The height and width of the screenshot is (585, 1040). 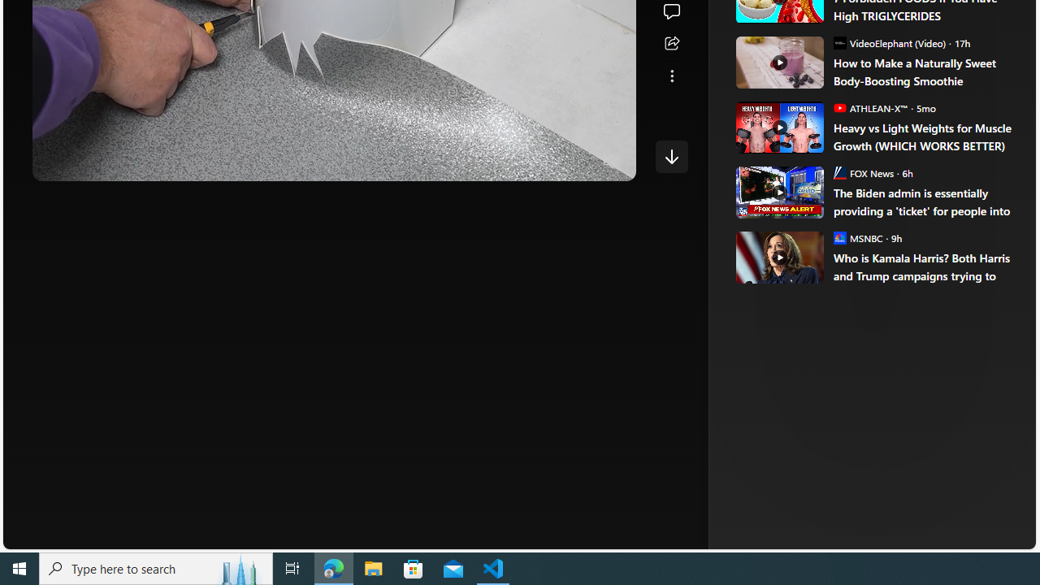 What do you see at coordinates (671, 43) in the screenshot?
I see `'Share this story'` at bounding box center [671, 43].